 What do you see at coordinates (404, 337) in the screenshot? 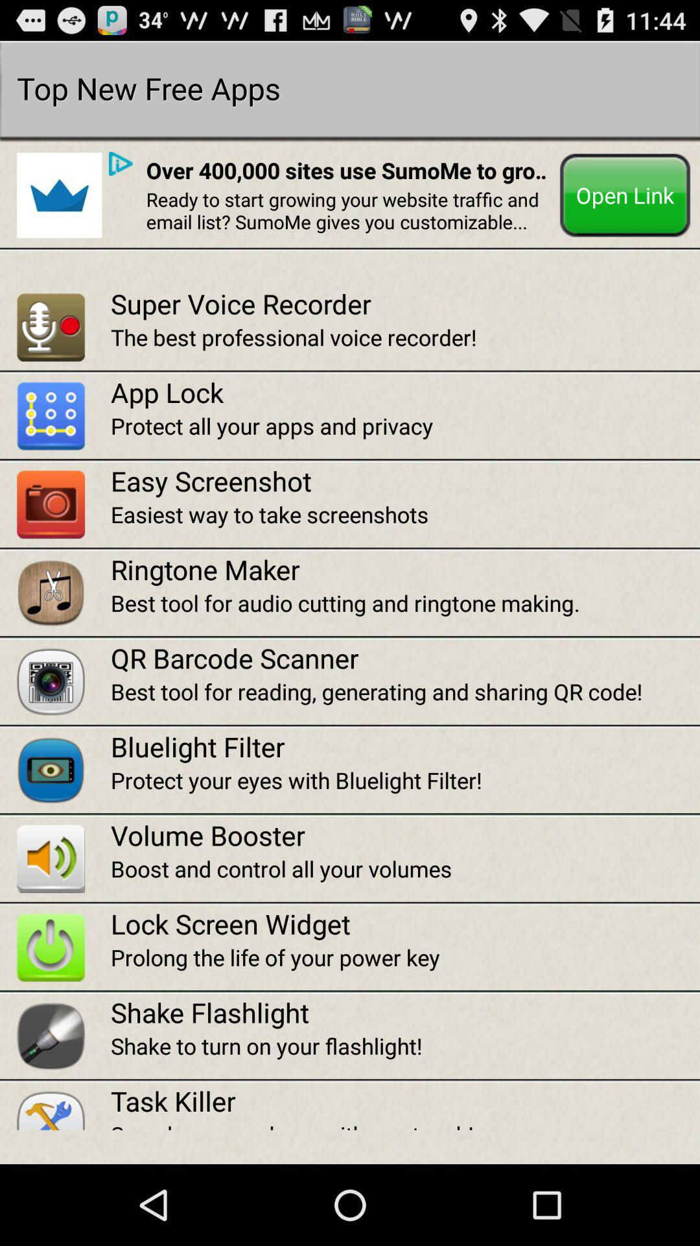
I see `the icon above the app lock` at bounding box center [404, 337].